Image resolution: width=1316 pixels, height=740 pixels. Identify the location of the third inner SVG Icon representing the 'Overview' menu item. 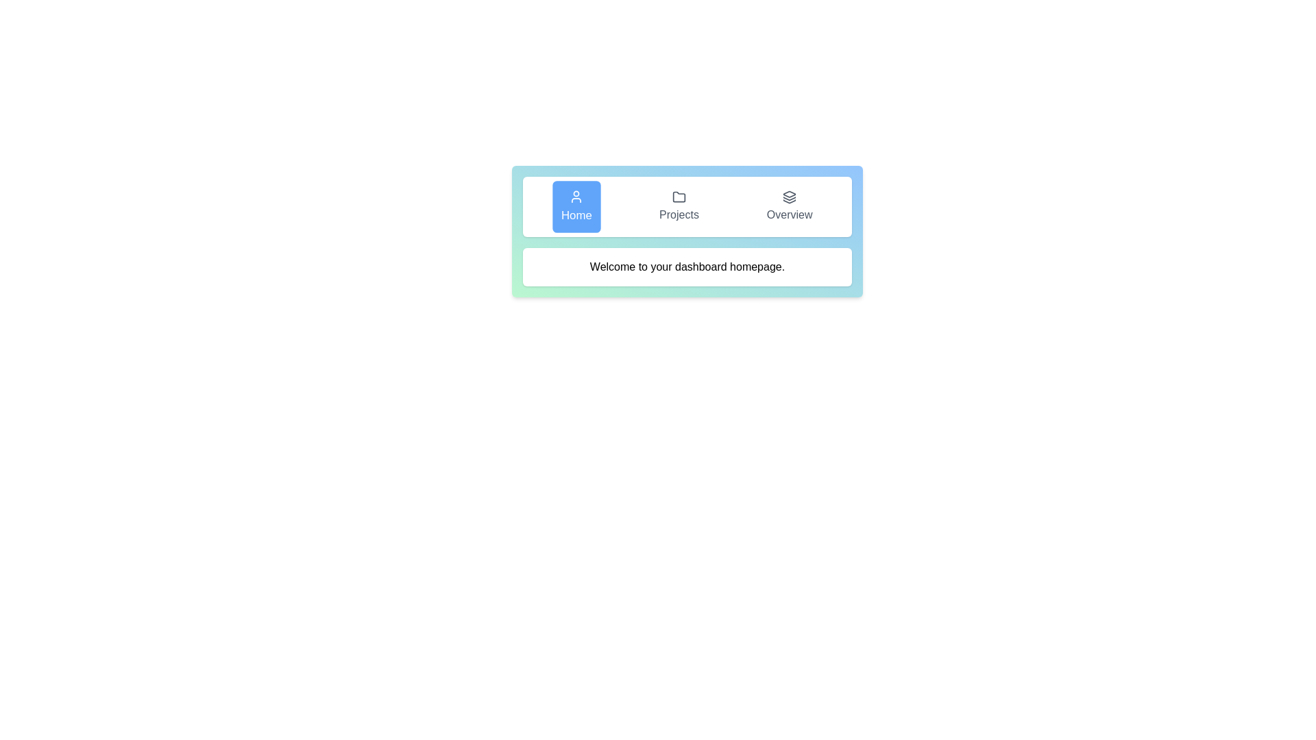
(790, 201).